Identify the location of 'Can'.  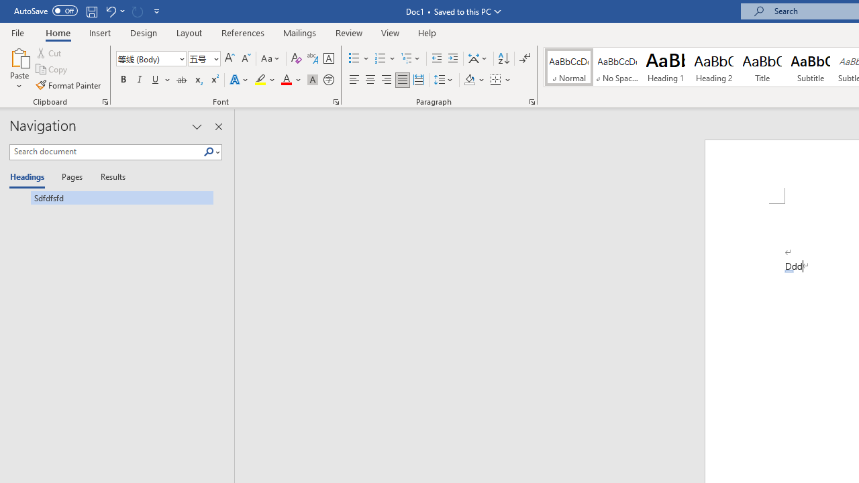
(137, 11).